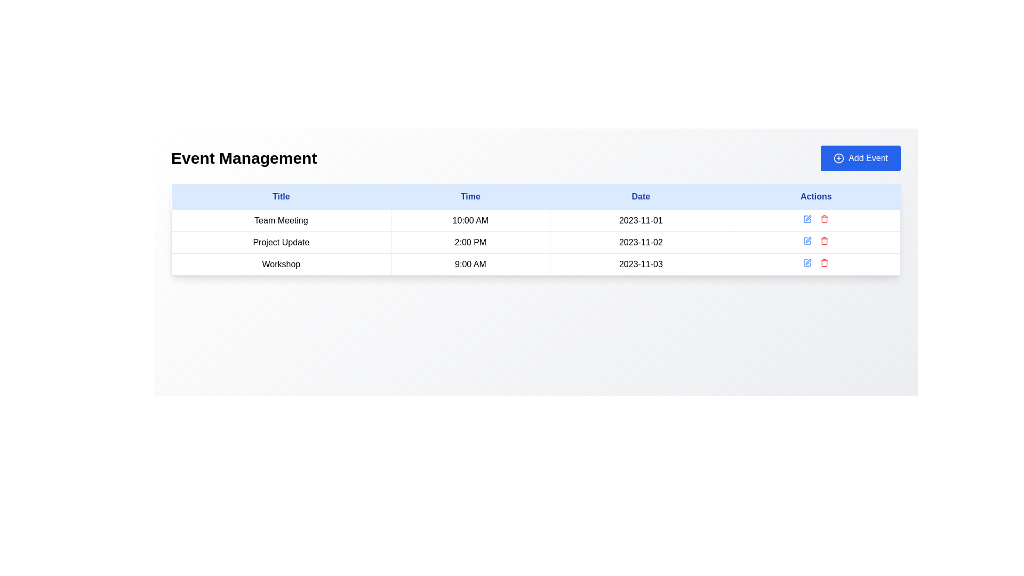 The height and width of the screenshot is (576, 1024). What do you see at coordinates (824, 241) in the screenshot?
I see `the red trash icon button located in the second row under the 'Actions' column of the table` at bounding box center [824, 241].